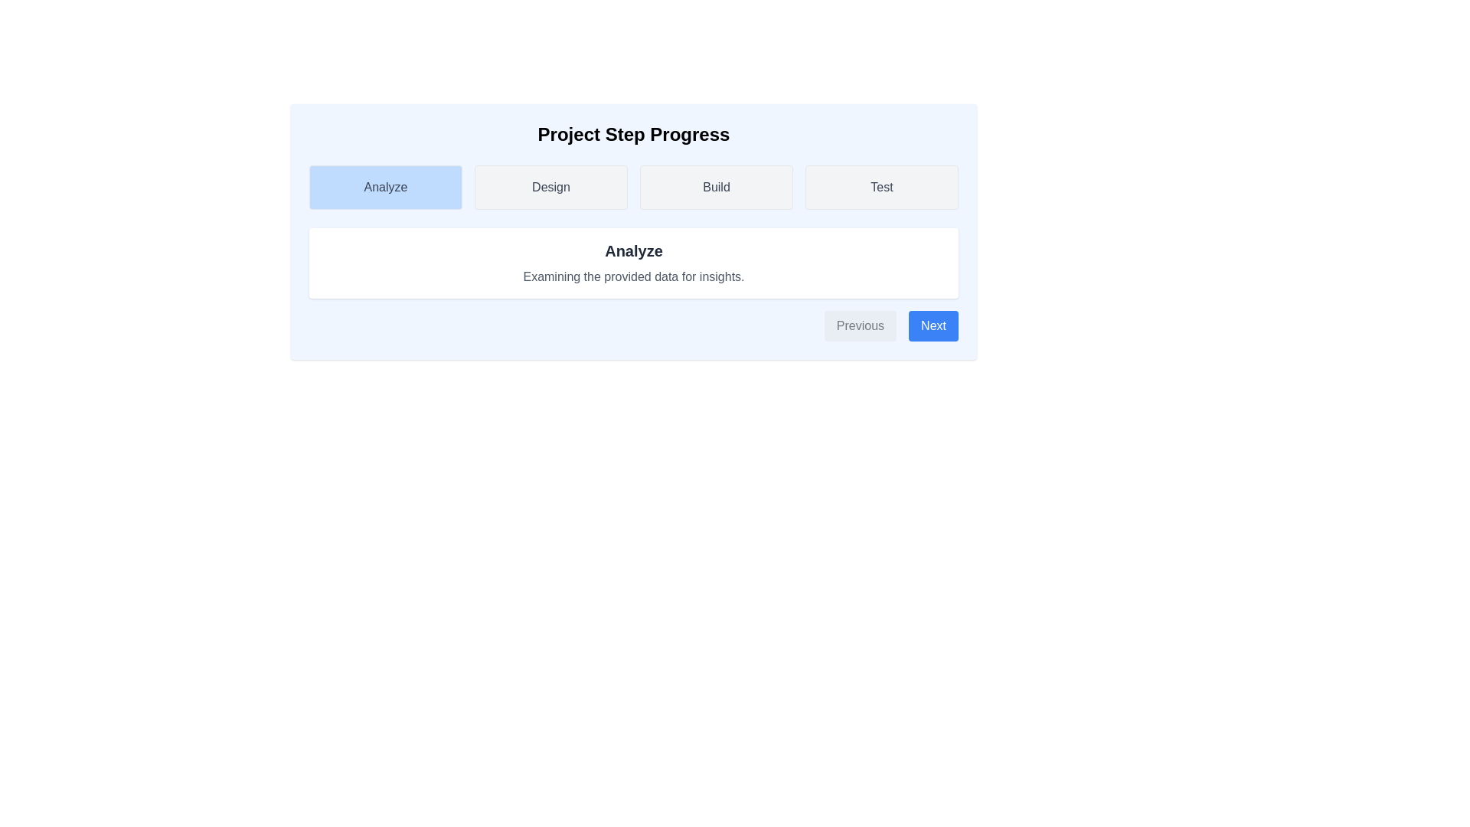 The image size is (1470, 827). What do you see at coordinates (882, 186) in the screenshot?
I see `the text label that serves as an identifier for the fourth step in the sequence, located at the top of the interface` at bounding box center [882, 186].